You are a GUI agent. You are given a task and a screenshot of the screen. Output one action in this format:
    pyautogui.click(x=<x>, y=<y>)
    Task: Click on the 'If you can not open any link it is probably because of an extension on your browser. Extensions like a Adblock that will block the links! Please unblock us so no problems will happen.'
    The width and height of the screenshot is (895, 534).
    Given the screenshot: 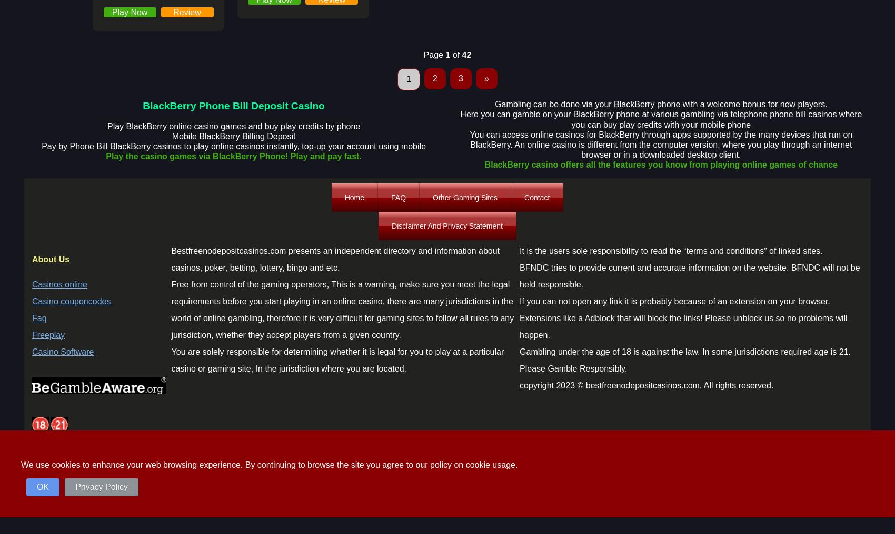 What is the action you would take?
    pyautogui.click(x=683, y=317)
    